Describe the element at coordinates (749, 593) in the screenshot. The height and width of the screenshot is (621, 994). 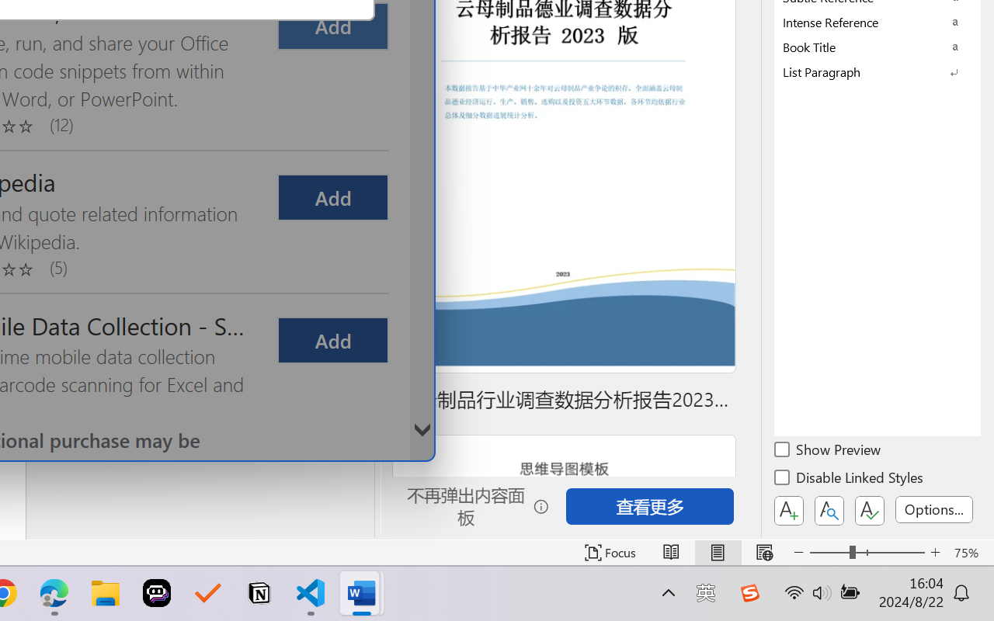
I see `'Class: Image'` at that location.